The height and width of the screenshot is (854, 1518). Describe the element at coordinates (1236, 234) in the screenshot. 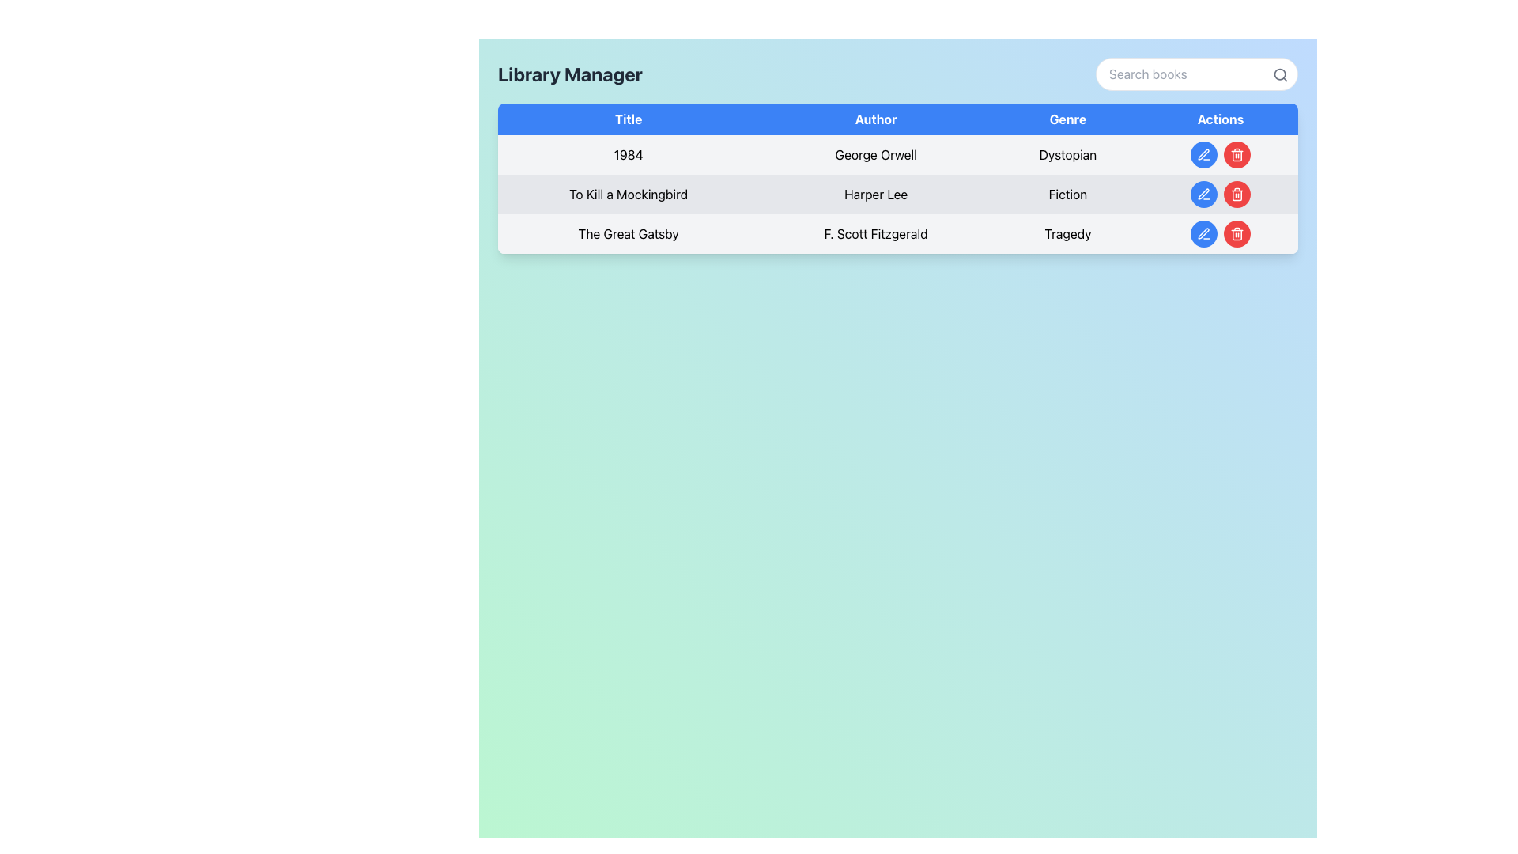

I see `the trash can icon in the 'Actions' column of the table to initiate the delete action for the record '1984'` at that location.